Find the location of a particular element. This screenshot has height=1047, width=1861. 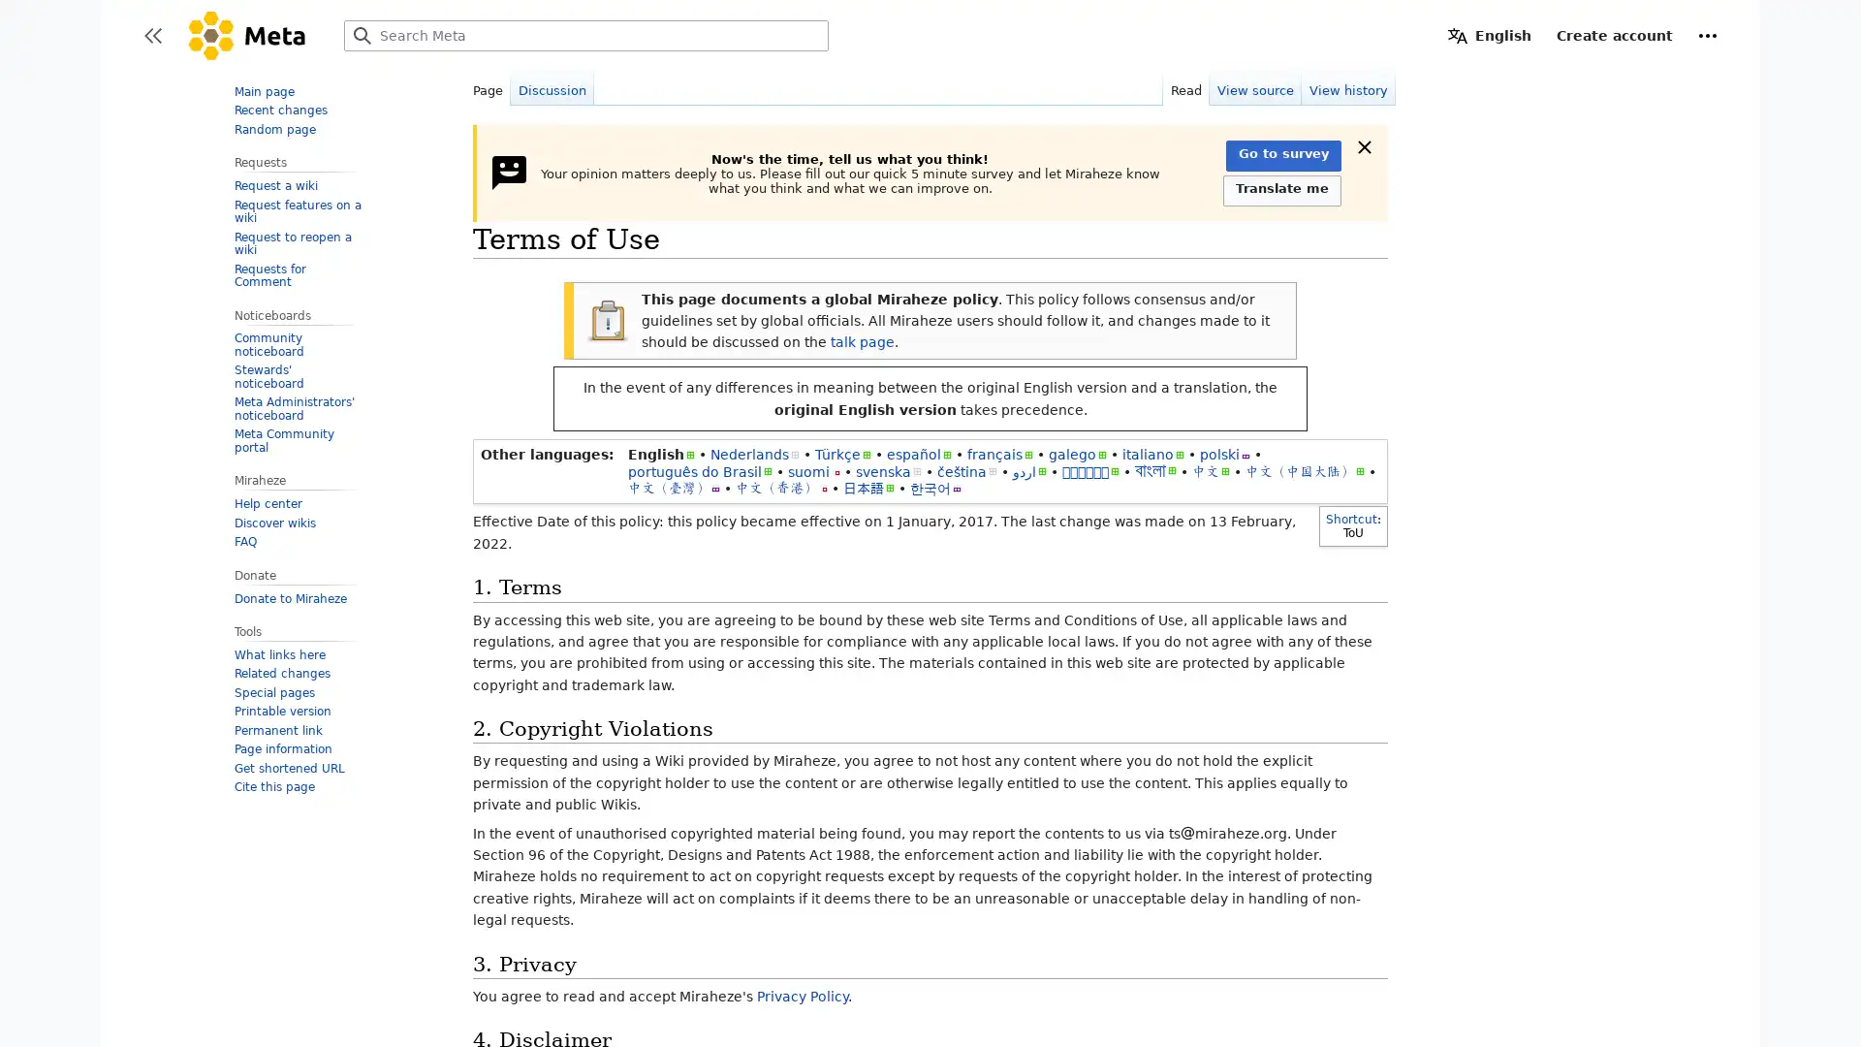

Search is located at coordinates (363, 36).